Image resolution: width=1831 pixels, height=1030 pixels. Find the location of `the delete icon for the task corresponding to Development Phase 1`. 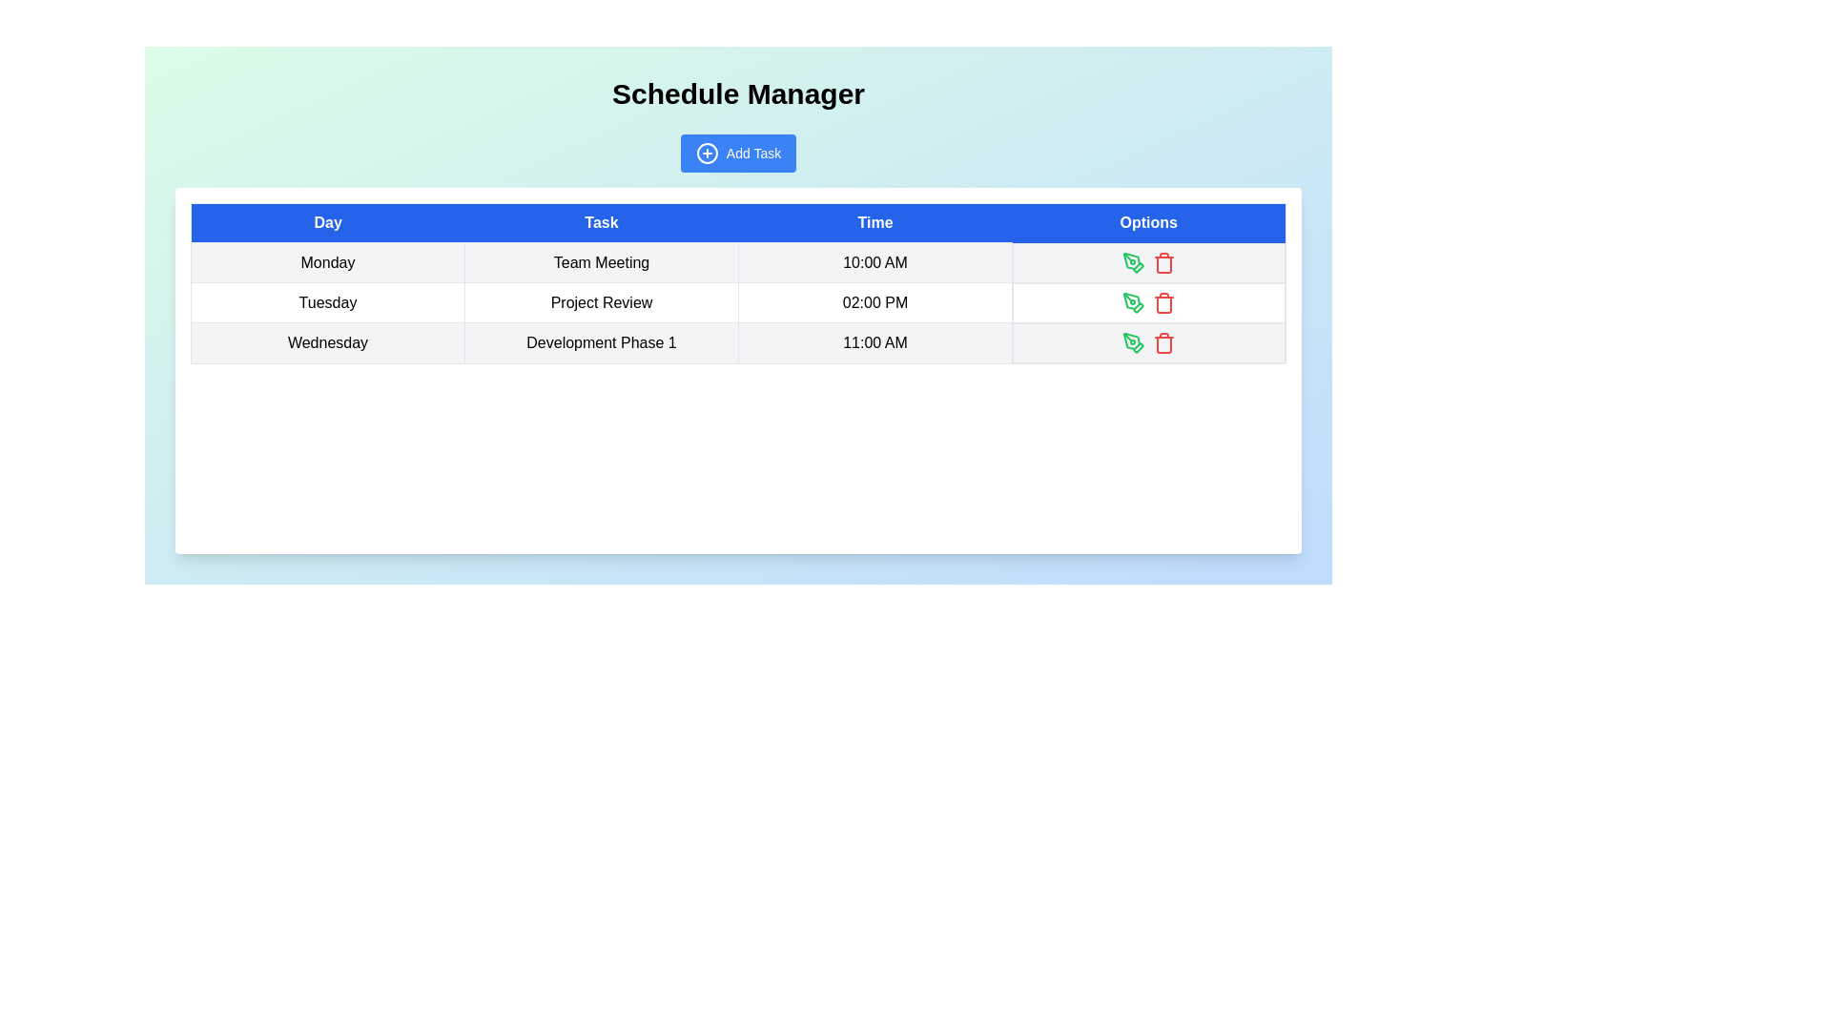

the delete icon for the task corresponding to Development Phase 1 is located at coordinates (1162, 341).